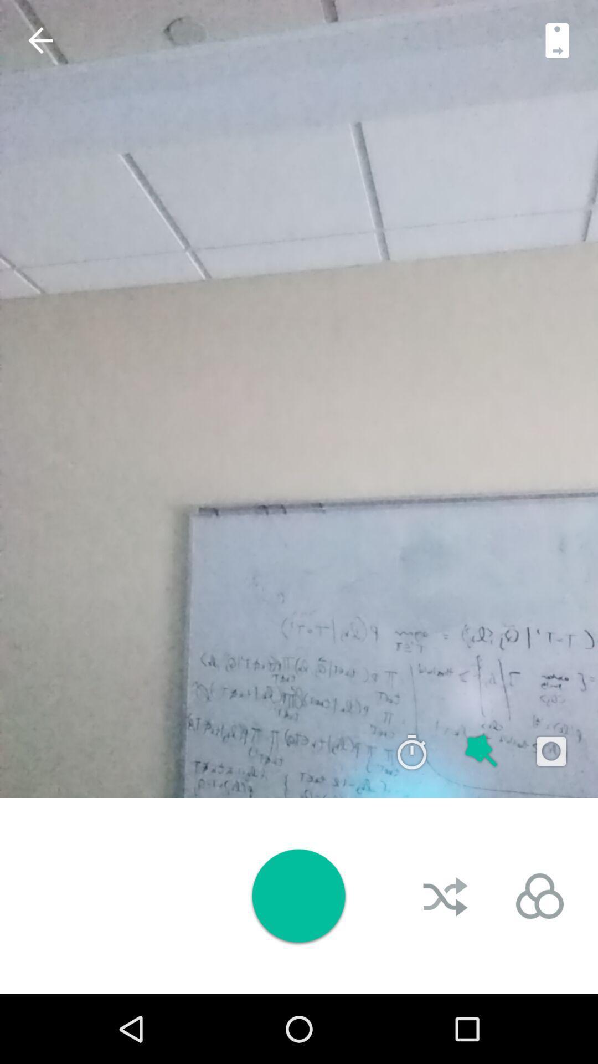 This screenshot has width=598, height=1064. I want to click on auto image filter adjustments, so click(481, 751).